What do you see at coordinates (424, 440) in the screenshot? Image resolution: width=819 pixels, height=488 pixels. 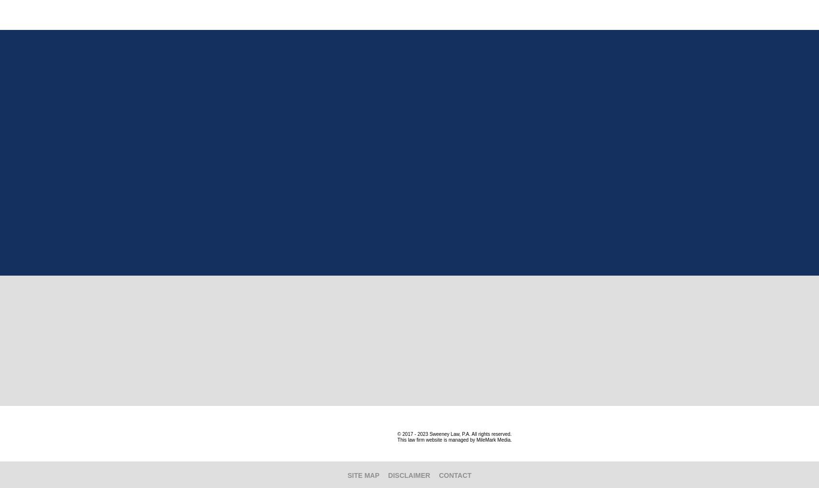 I see `'law firm website'` at bounding box center [424, 440].